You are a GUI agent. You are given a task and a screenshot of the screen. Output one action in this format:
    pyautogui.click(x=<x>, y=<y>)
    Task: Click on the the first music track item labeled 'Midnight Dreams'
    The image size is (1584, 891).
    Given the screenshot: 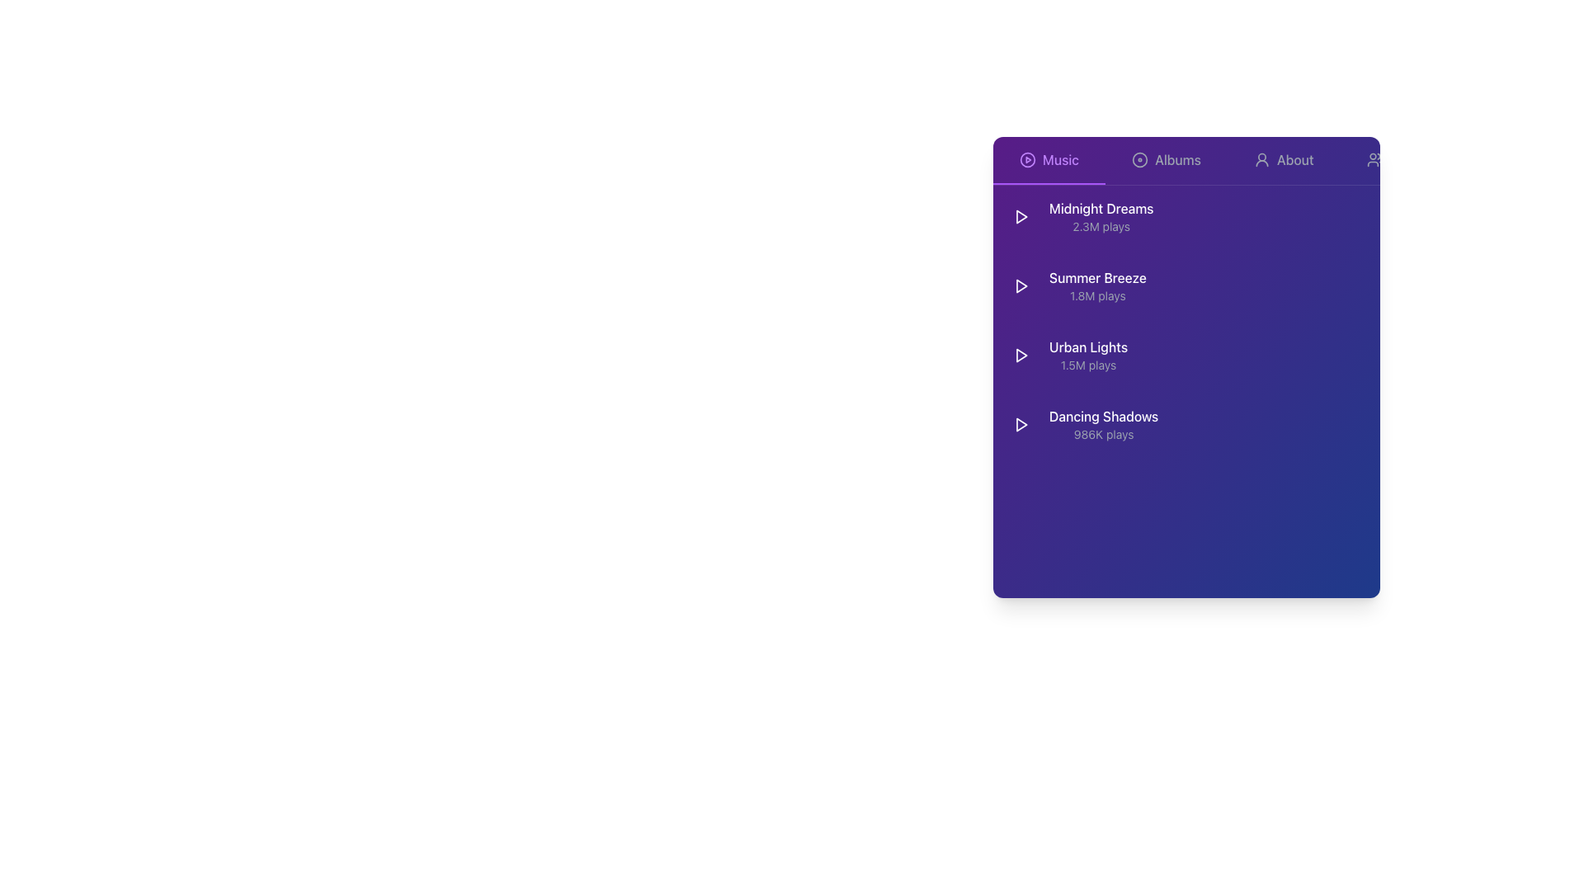 What is the action you would take?
    pyautogui.click(x=1186, y=215)
    